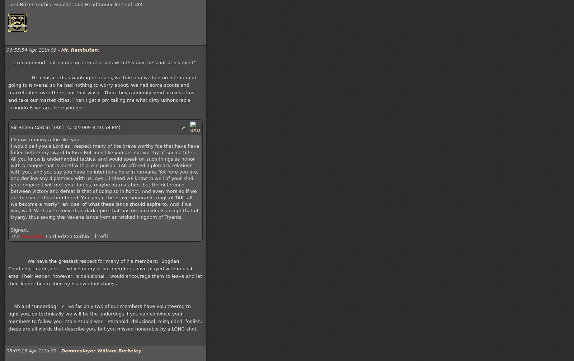 The width and height of the screenshot is (574, 361). I want to click on 'Lord Brizen Corbin, Founder and Head Councilmen of TAK', so click(8, 4).